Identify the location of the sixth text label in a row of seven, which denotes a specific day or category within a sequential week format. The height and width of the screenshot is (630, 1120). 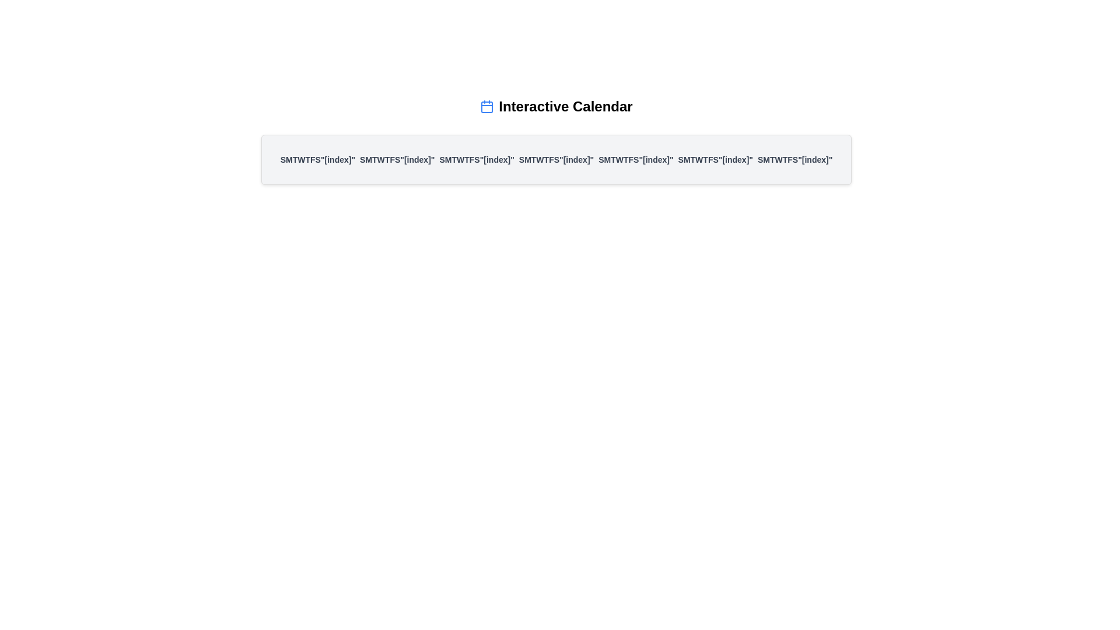
(715, 159).